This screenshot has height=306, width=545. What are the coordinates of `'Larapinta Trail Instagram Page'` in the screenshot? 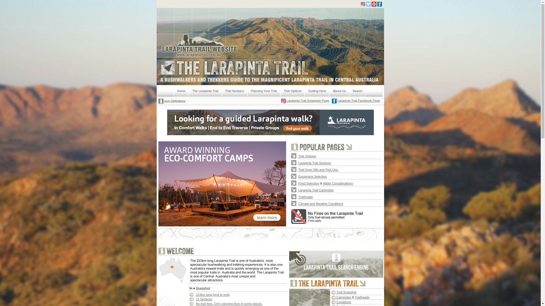 It's located at (307, 100).